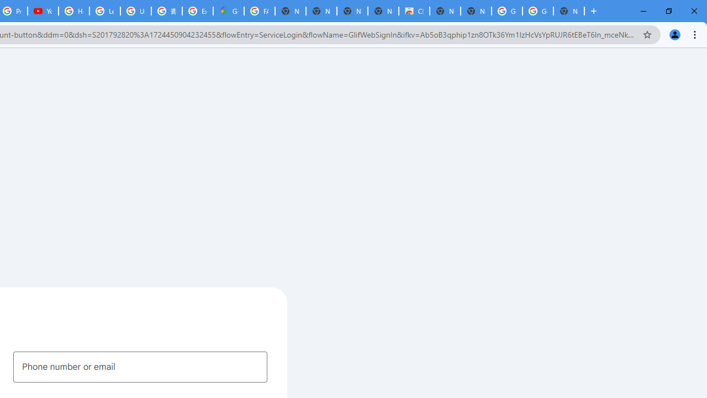 The image size is (707, 398). I want to click on 'New Tab', so click(569, 11).